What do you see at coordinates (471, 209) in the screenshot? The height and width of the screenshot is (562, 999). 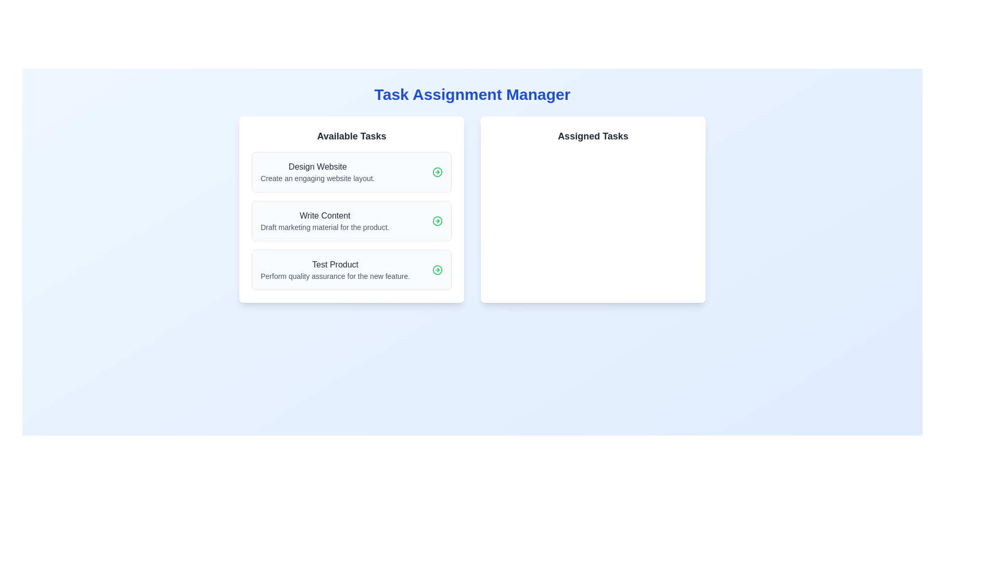 I see `the 'Task Assignment Manager' panel` at bounding box center [471, 209].